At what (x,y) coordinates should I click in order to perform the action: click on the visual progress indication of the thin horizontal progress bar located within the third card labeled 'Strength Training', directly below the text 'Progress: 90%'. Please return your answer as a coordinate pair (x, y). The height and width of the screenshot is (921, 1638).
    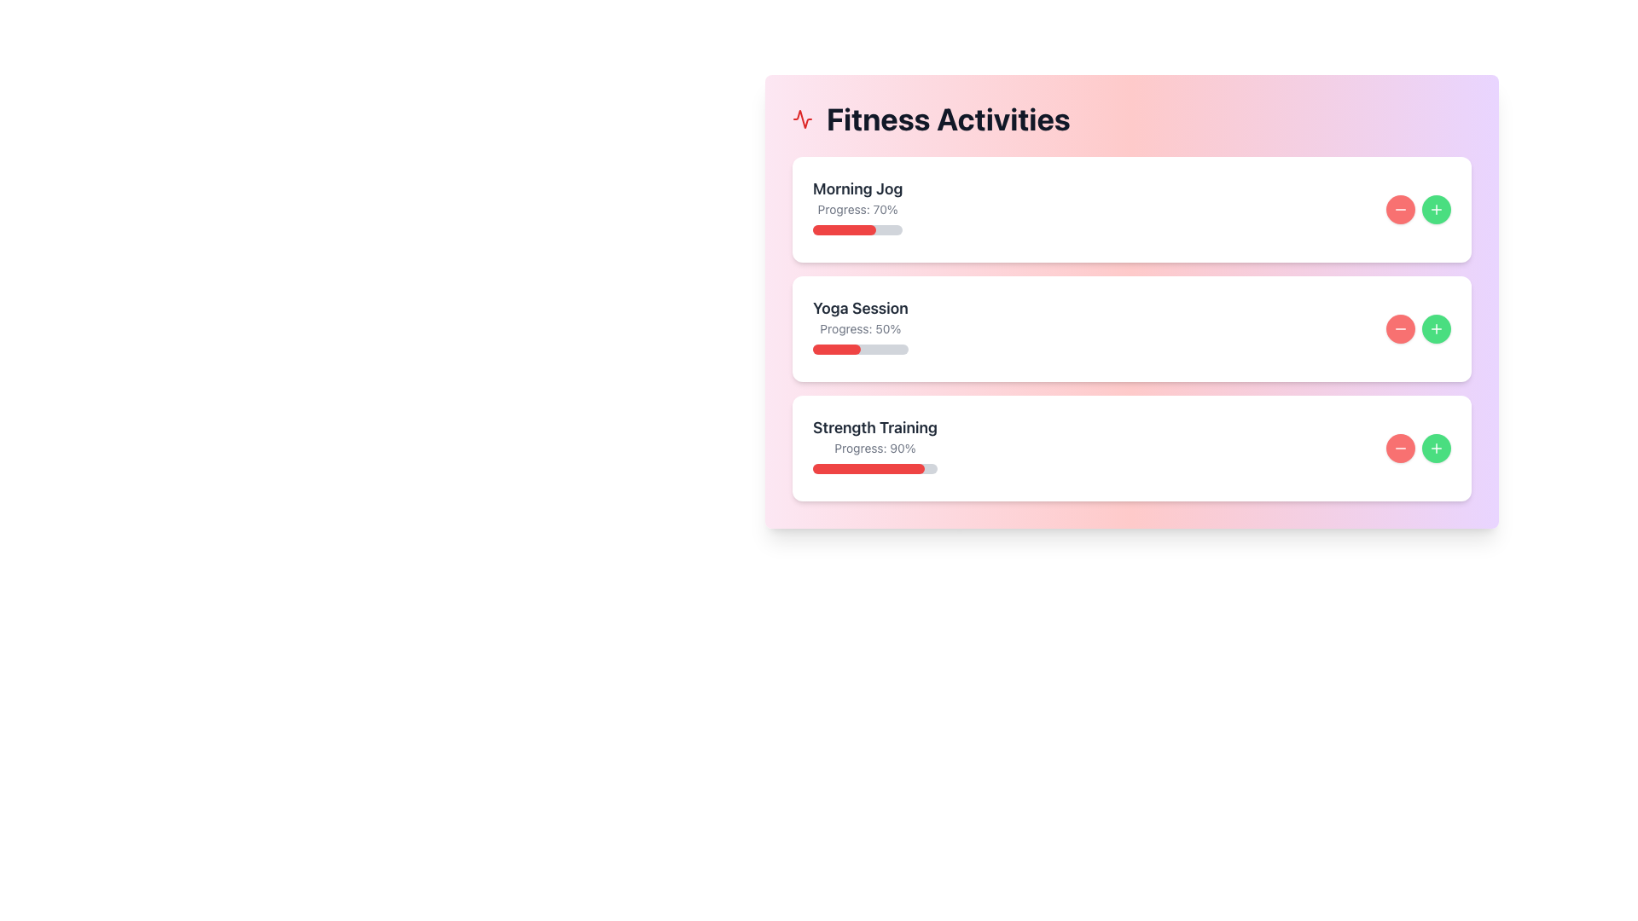
    Looking at the image, I should click on (874, 469).